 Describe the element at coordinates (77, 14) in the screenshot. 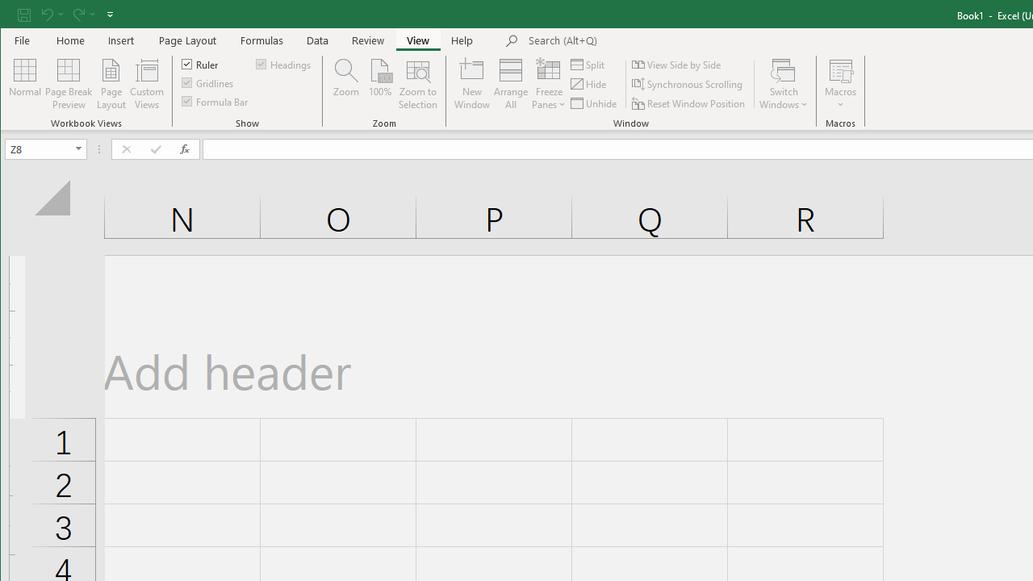

I see `'Redo'` at that location.